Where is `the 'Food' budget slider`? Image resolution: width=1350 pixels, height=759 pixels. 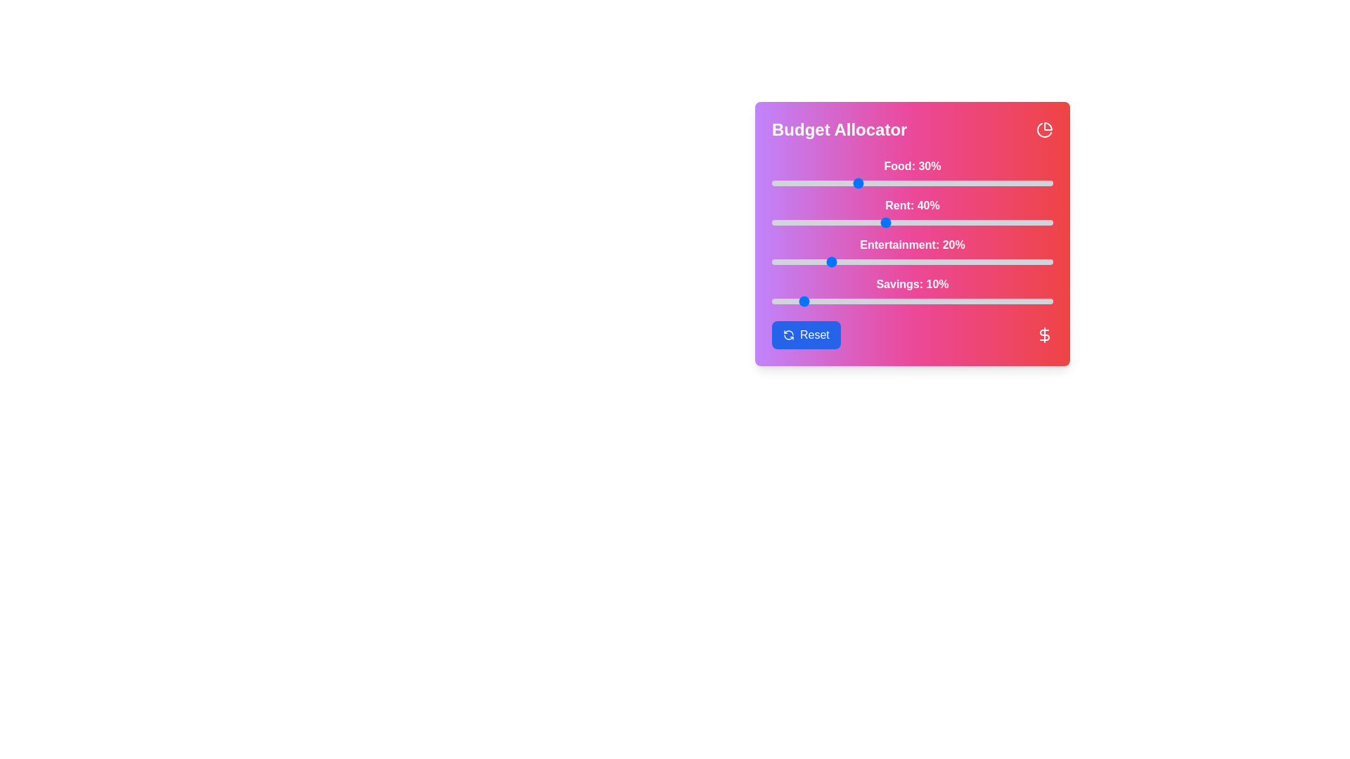 the 'Food' budget slider is located at coordinates (904, 183).